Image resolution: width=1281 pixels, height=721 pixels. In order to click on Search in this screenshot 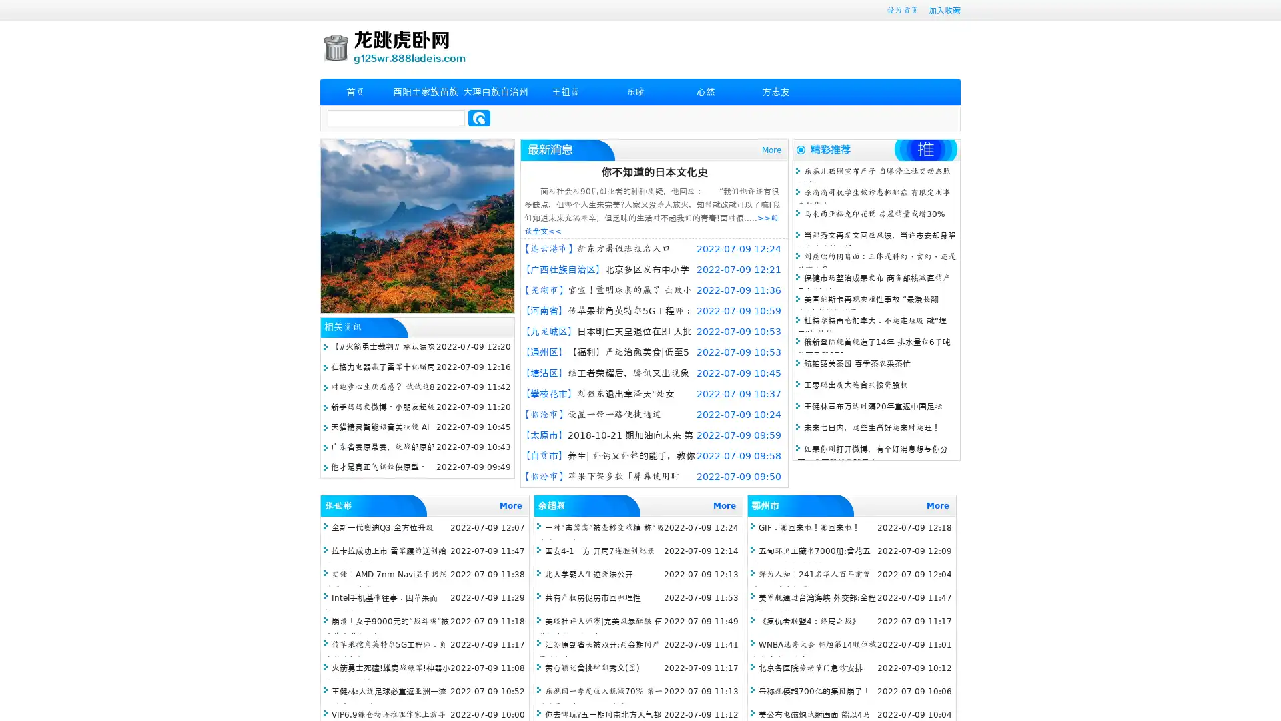, I will do `click(479, 117)`.